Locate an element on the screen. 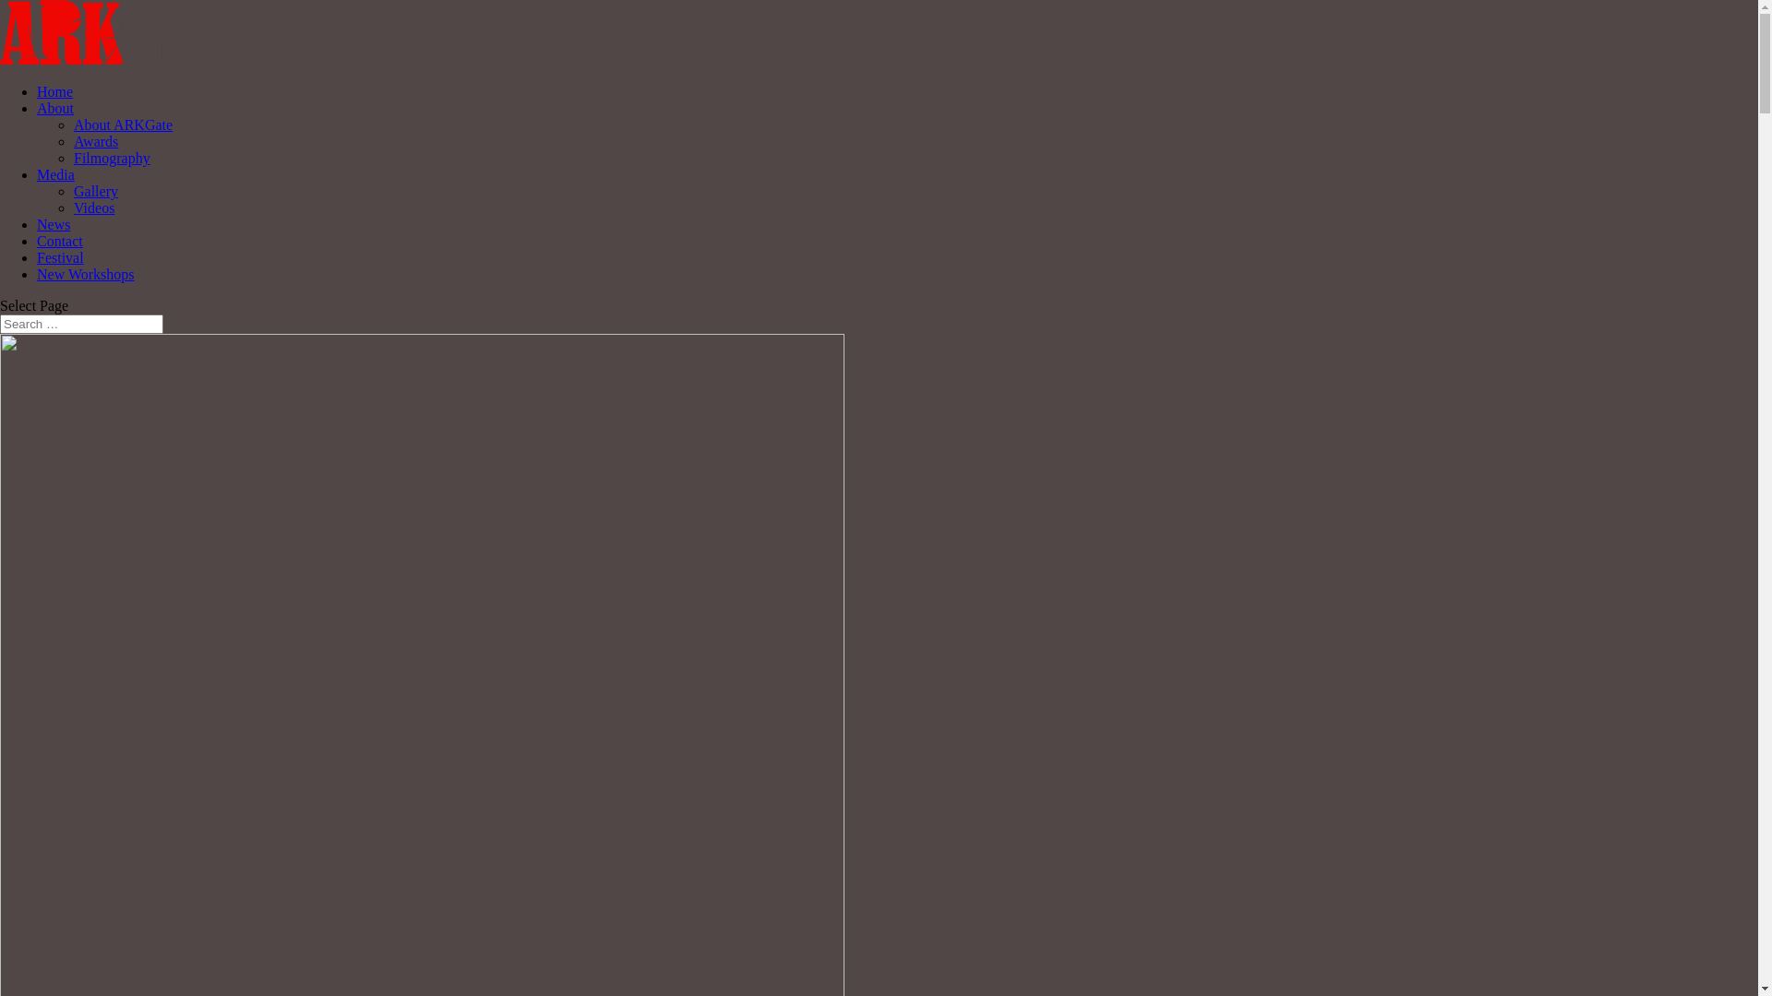 The image size is (1772, 996). 'Awards' is located at coordinates (95, 140).